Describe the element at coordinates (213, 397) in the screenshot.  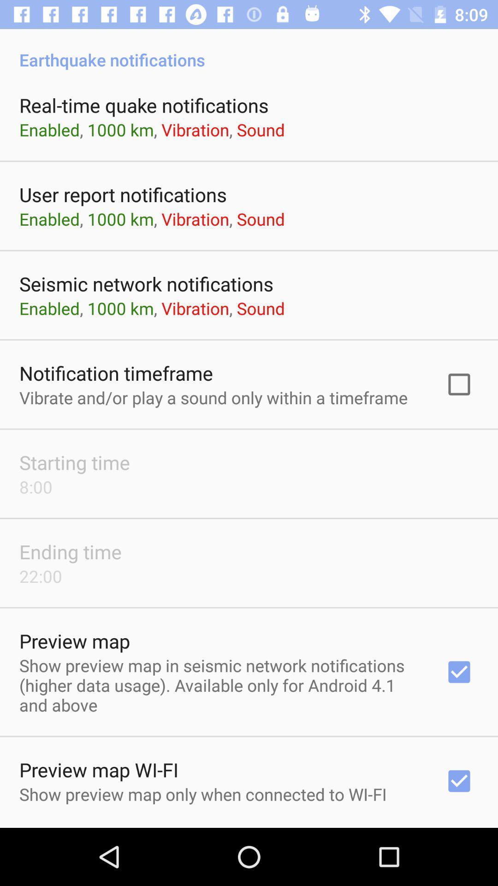
I see `icon above starting time app` at that location.